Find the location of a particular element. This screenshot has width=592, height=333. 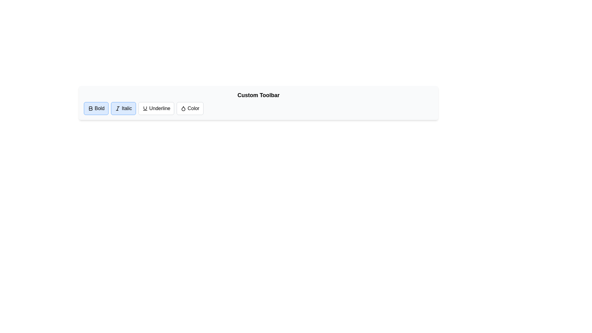

the upper curve of the underline graphical representation within the 'Underline' icon located in the formatting toolbar under 'Custom Toolbar' is located at coordinates (145, 108).